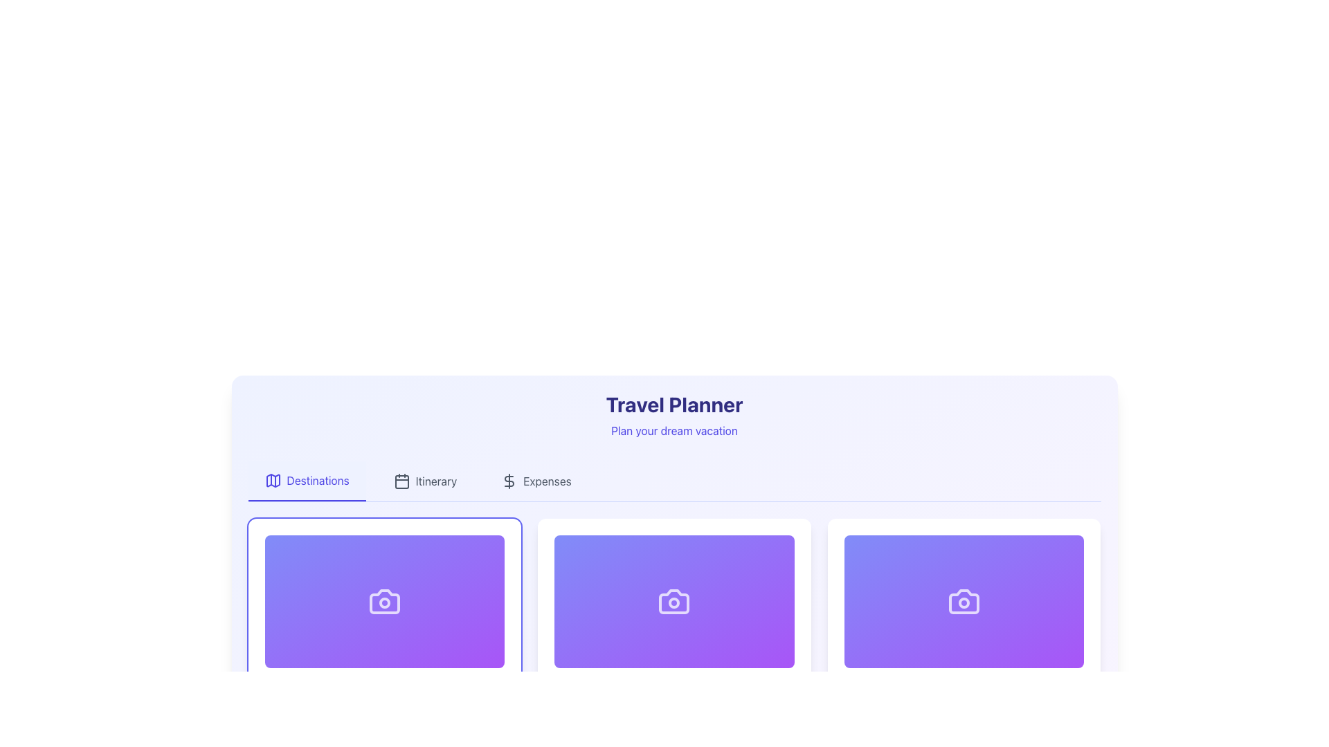 Image resolution: width=1329 pixels, height=747 pixels. Describe the element at coordinates (674, 601) in the screenshot. I see `the camera icon located centrally within the middle card of the grid in the 'Travel Planner' section` at that location.